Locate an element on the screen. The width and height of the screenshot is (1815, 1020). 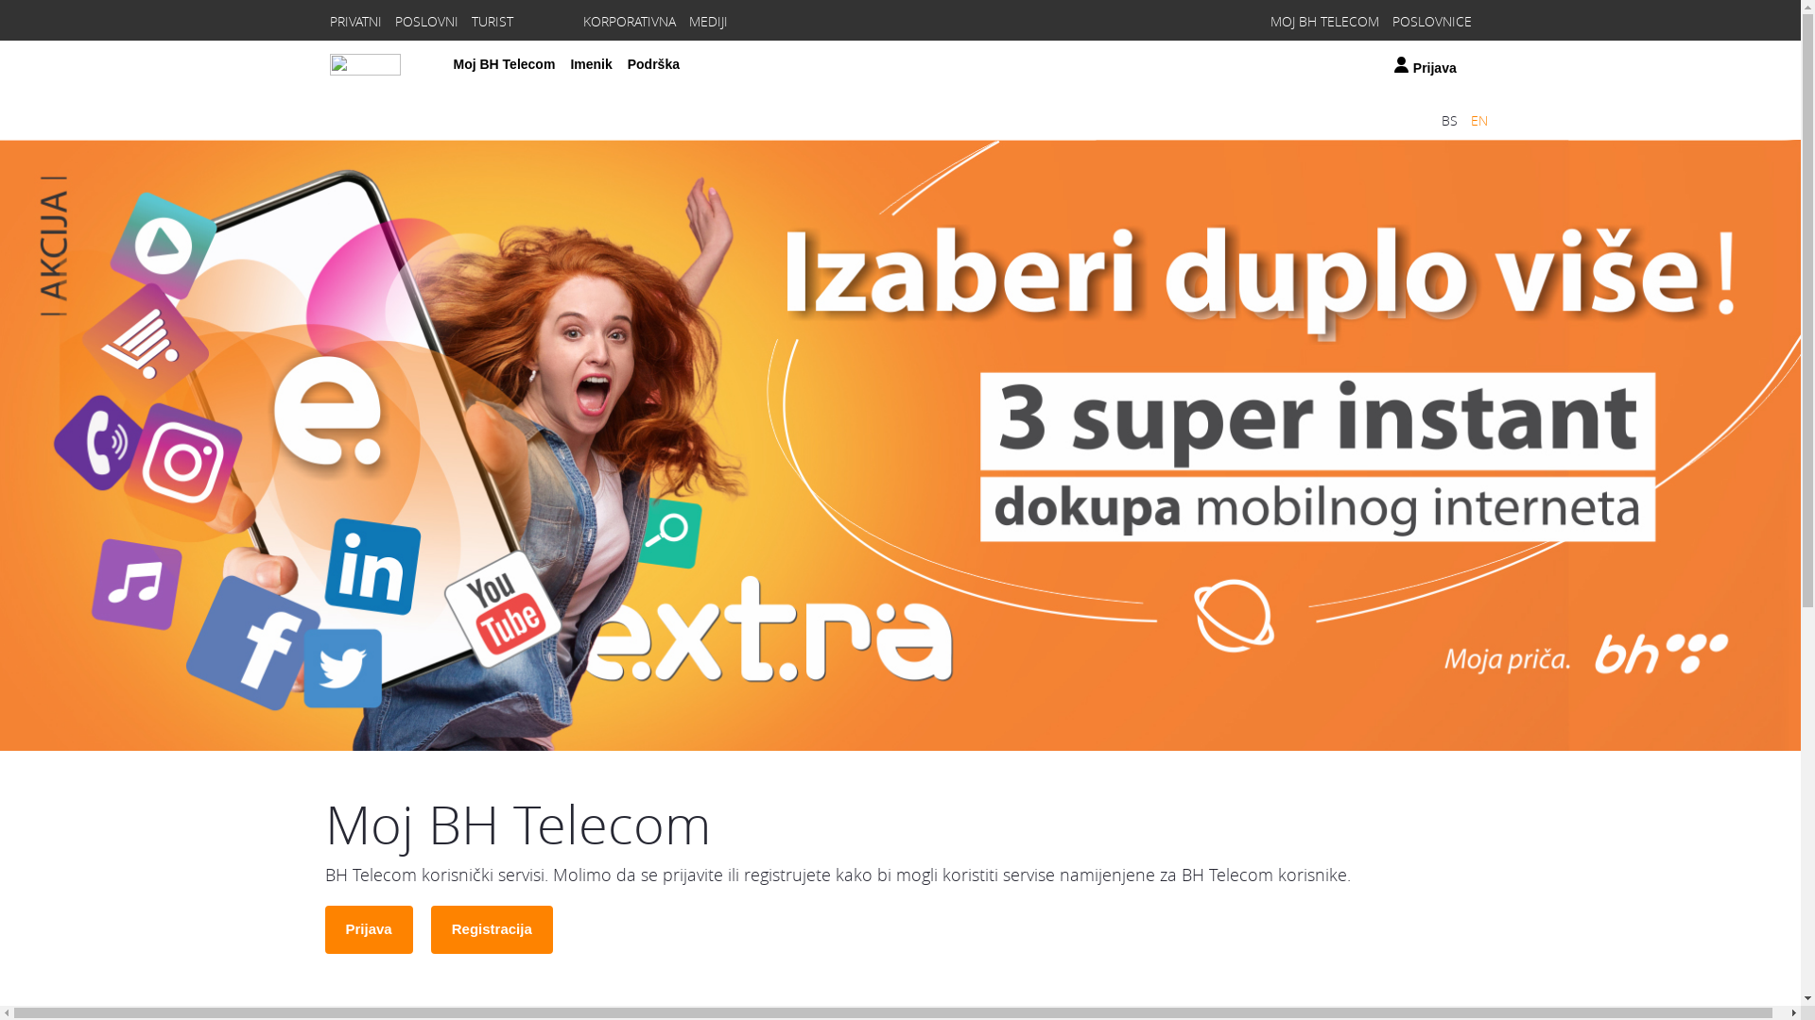
'POSLOVNICE' is located at coordinates (1430, 21).